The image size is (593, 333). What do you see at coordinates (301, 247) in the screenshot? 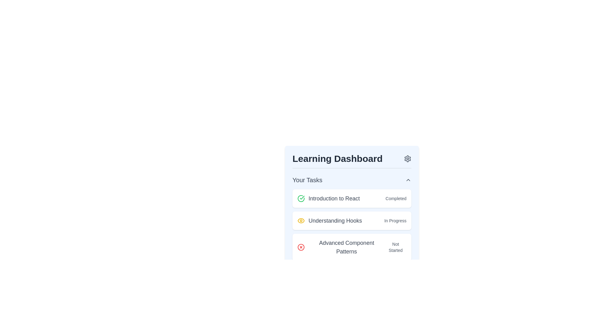
I see `the circular red icon indicating 'not started' status in the third task item card of the 'Your Tasks' list on the learning dashboard` at bounding box center [301, 247].